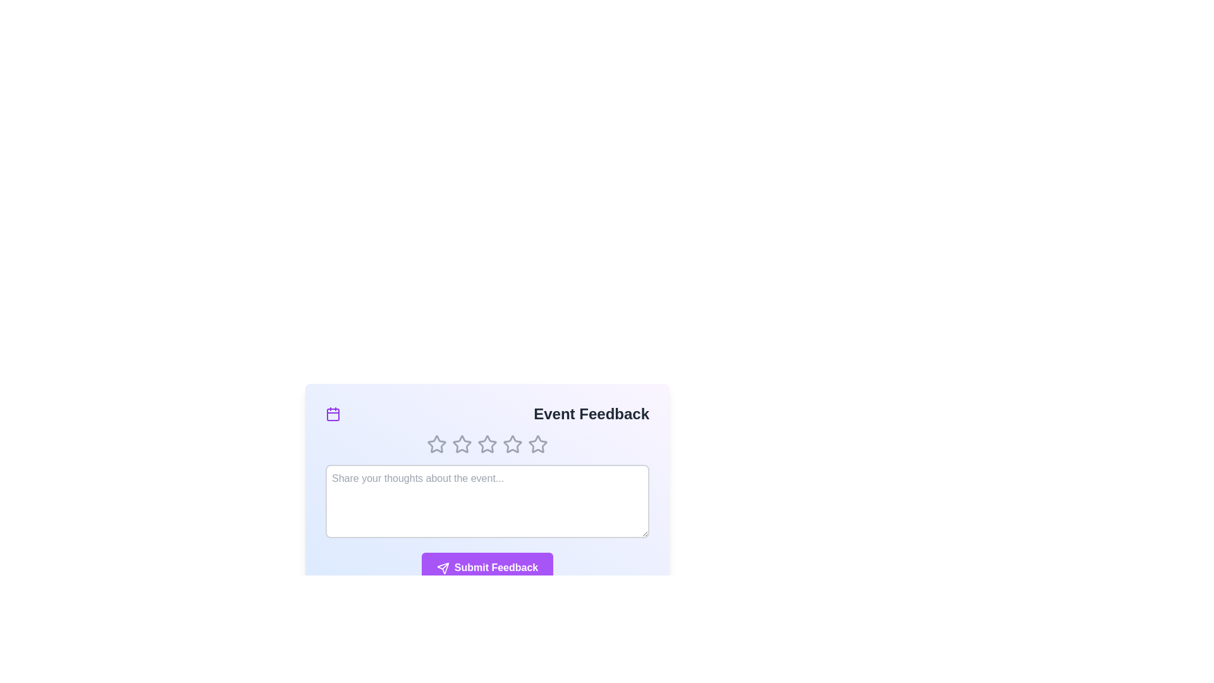 Image resolution: width=1214 pixels, height=683 pixels. Describe the element at coordinates (487, 567) in the screenshot. I see `the 'Submit Feedback' button, which has a purple background and contains white text with a paper airplane icon, to trigger its hover color change` at that location.